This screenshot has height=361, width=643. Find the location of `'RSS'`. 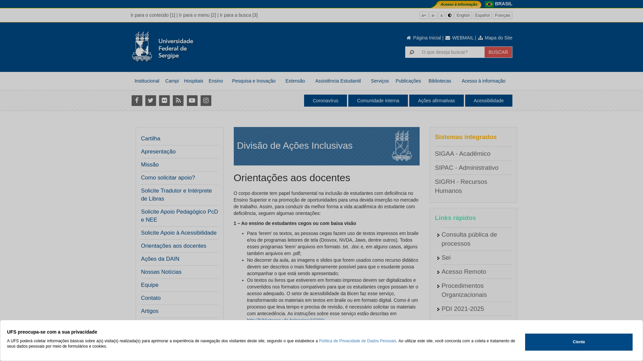

'RSS' is located at coordinates (172, 100).